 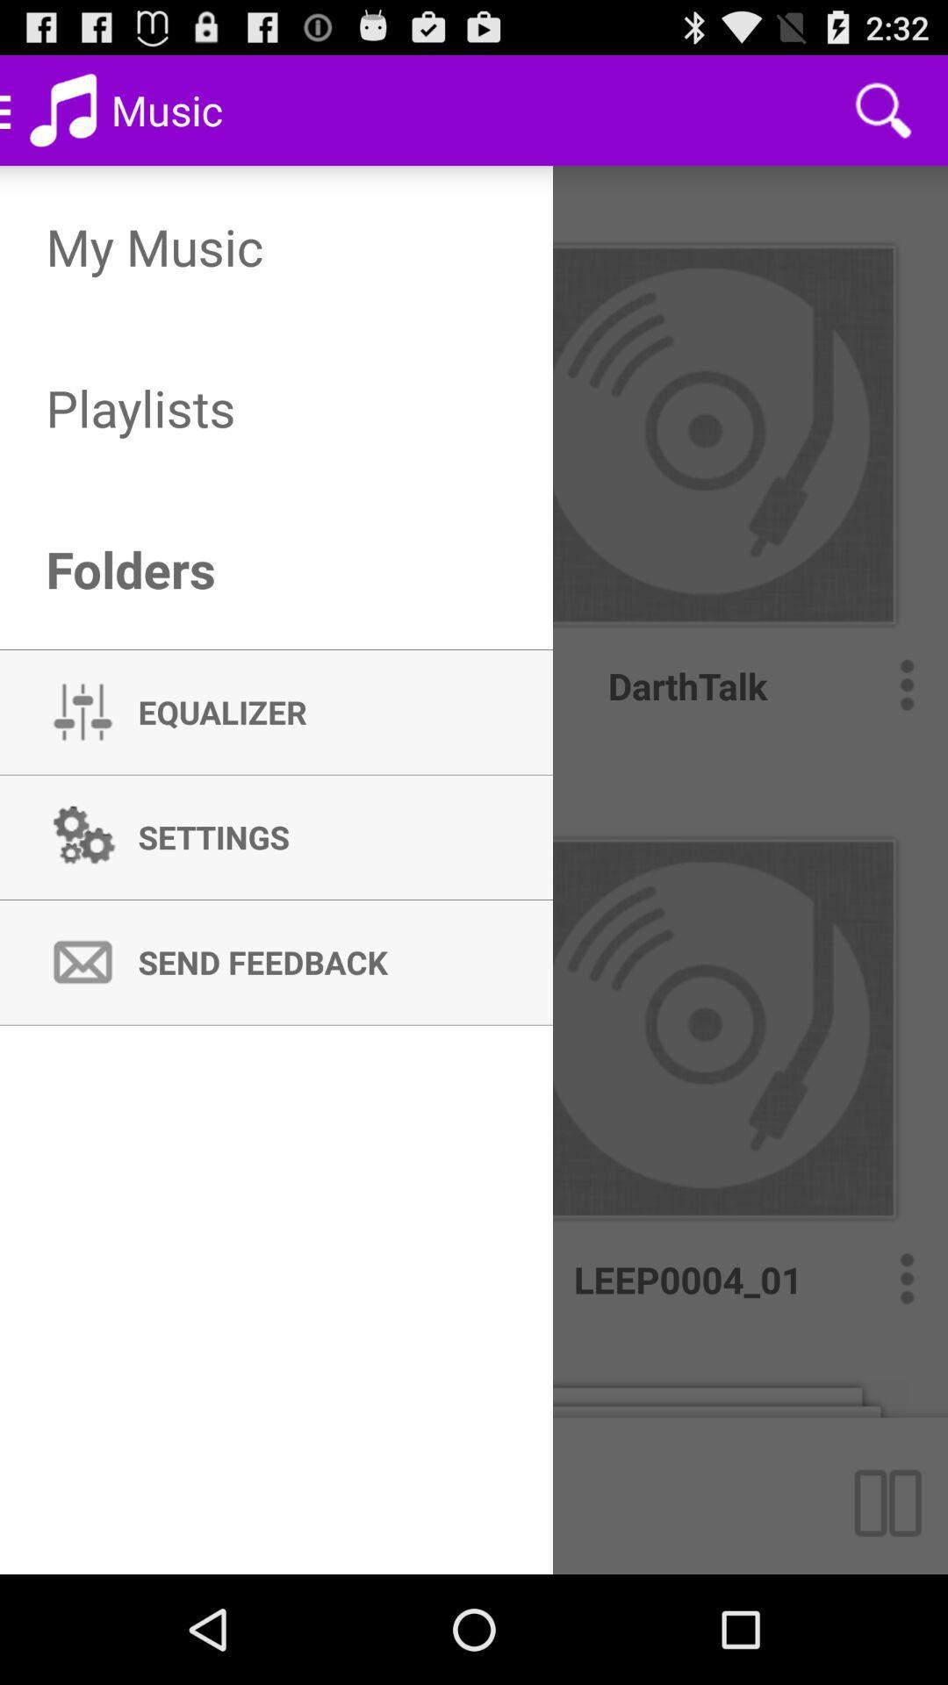 What do you see at coordinates (894, 1601) in the screenshot?
I see `the pause icon` at bounding box center [894, 1601].